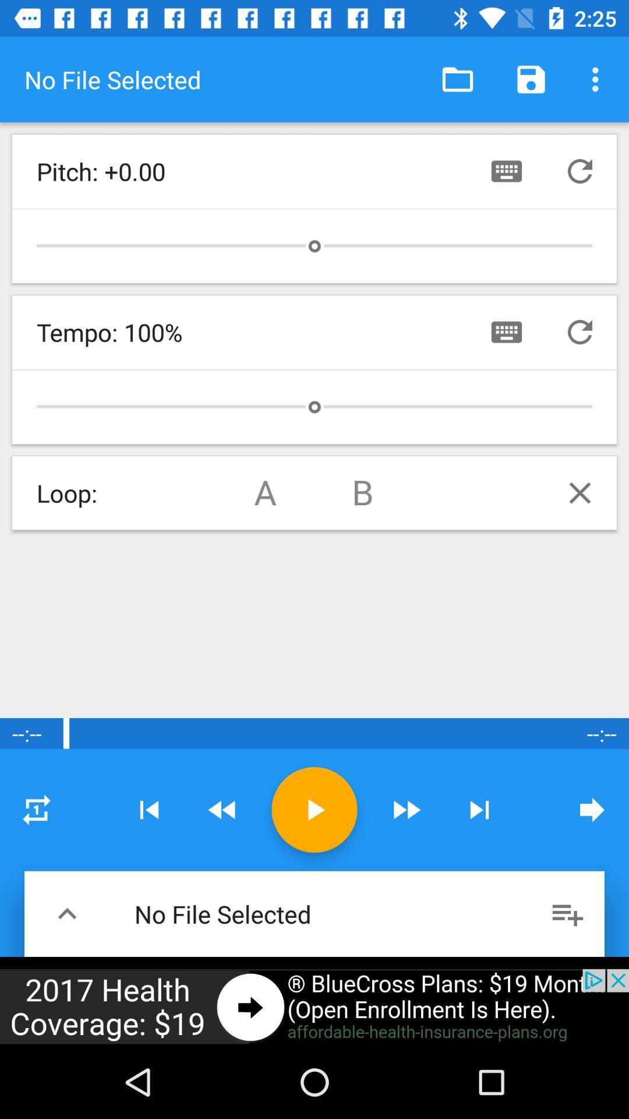 The image size is (629, 1119). What do you see at coordinates (579, 332) in the screenshot?
I see `repeat` at bounding box center [579, 332].